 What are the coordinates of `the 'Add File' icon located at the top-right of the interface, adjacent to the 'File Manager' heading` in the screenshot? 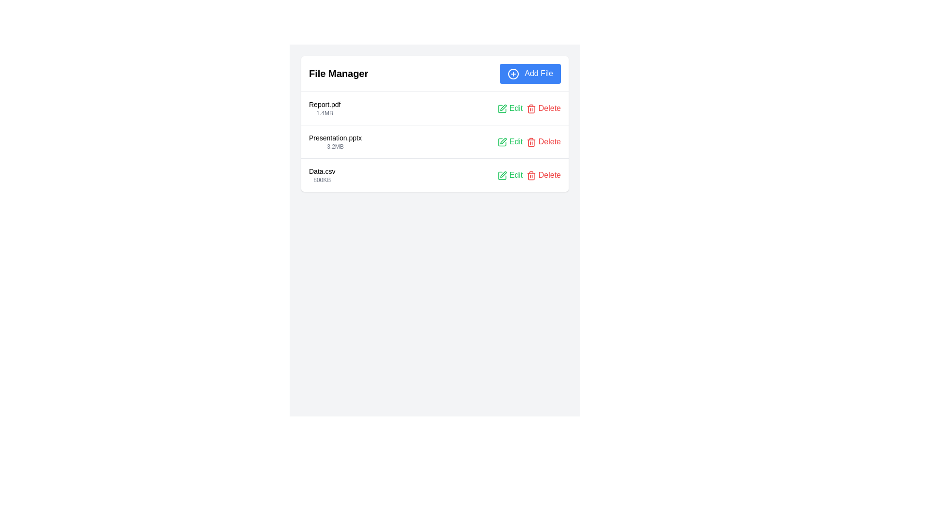 It's located at (512, 73).